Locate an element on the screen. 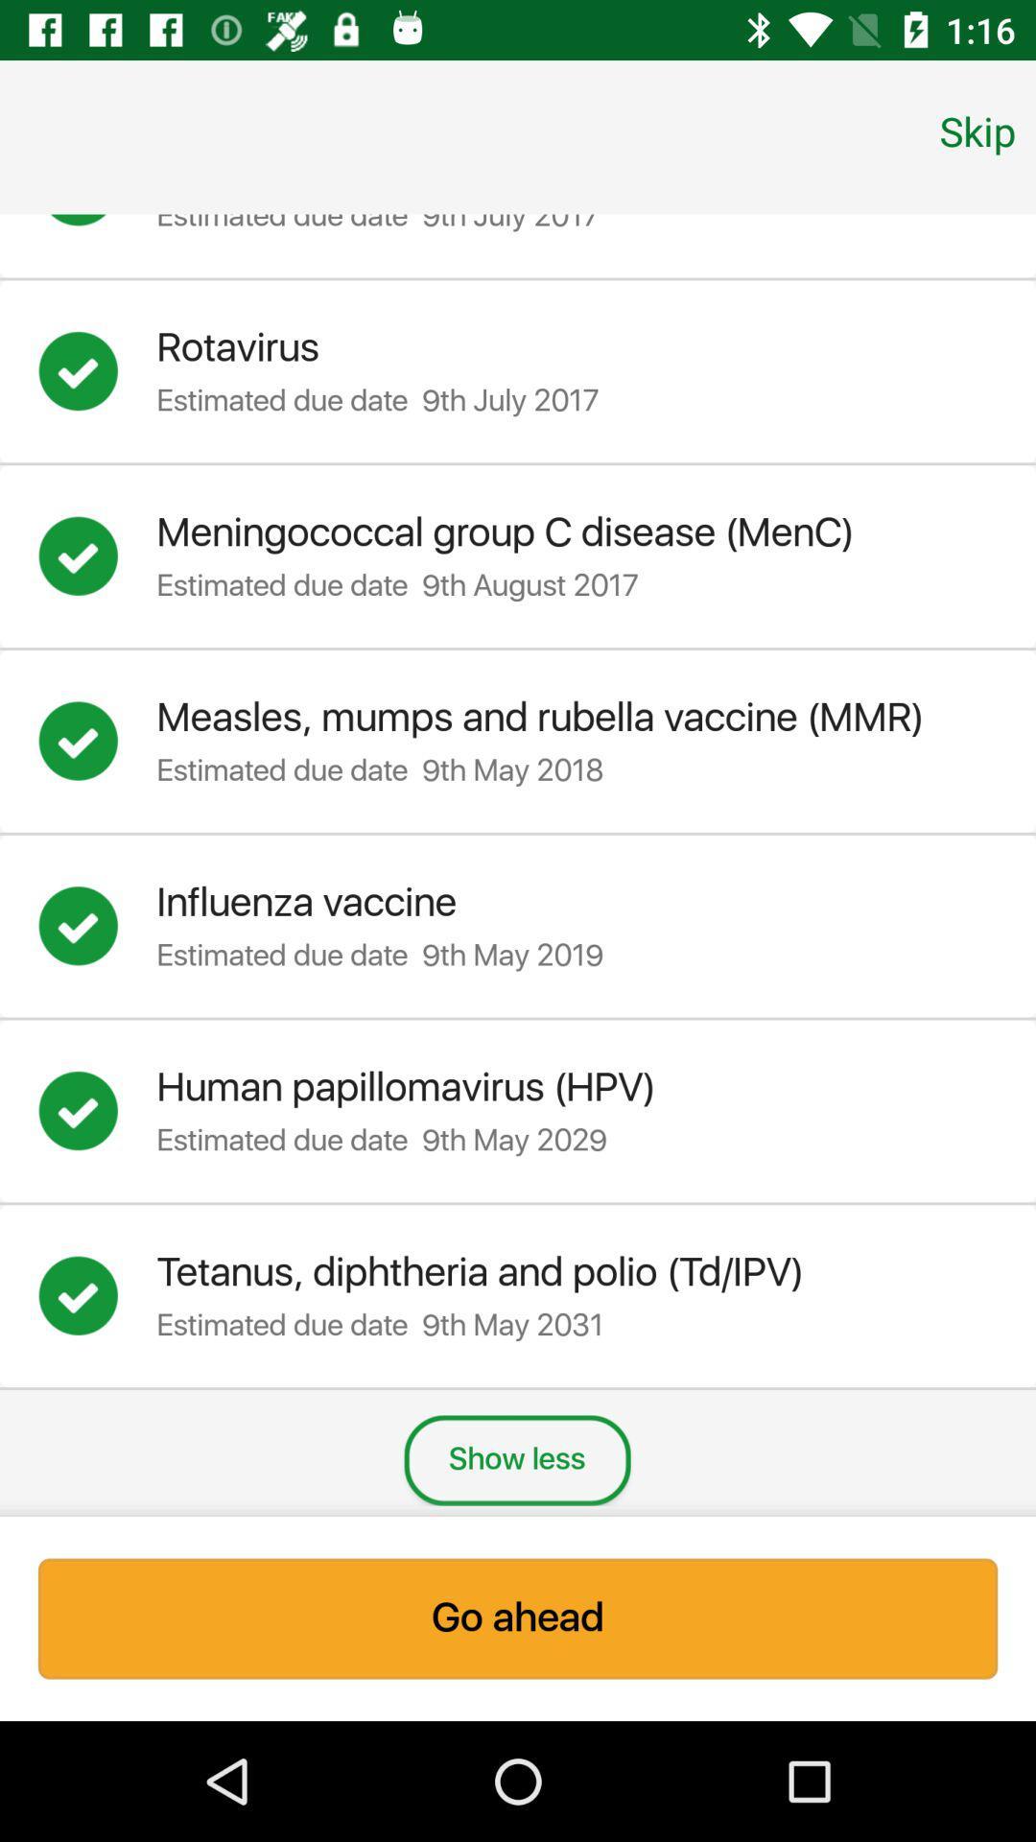  icon below the show less item is located at coordinates (518, 1618).